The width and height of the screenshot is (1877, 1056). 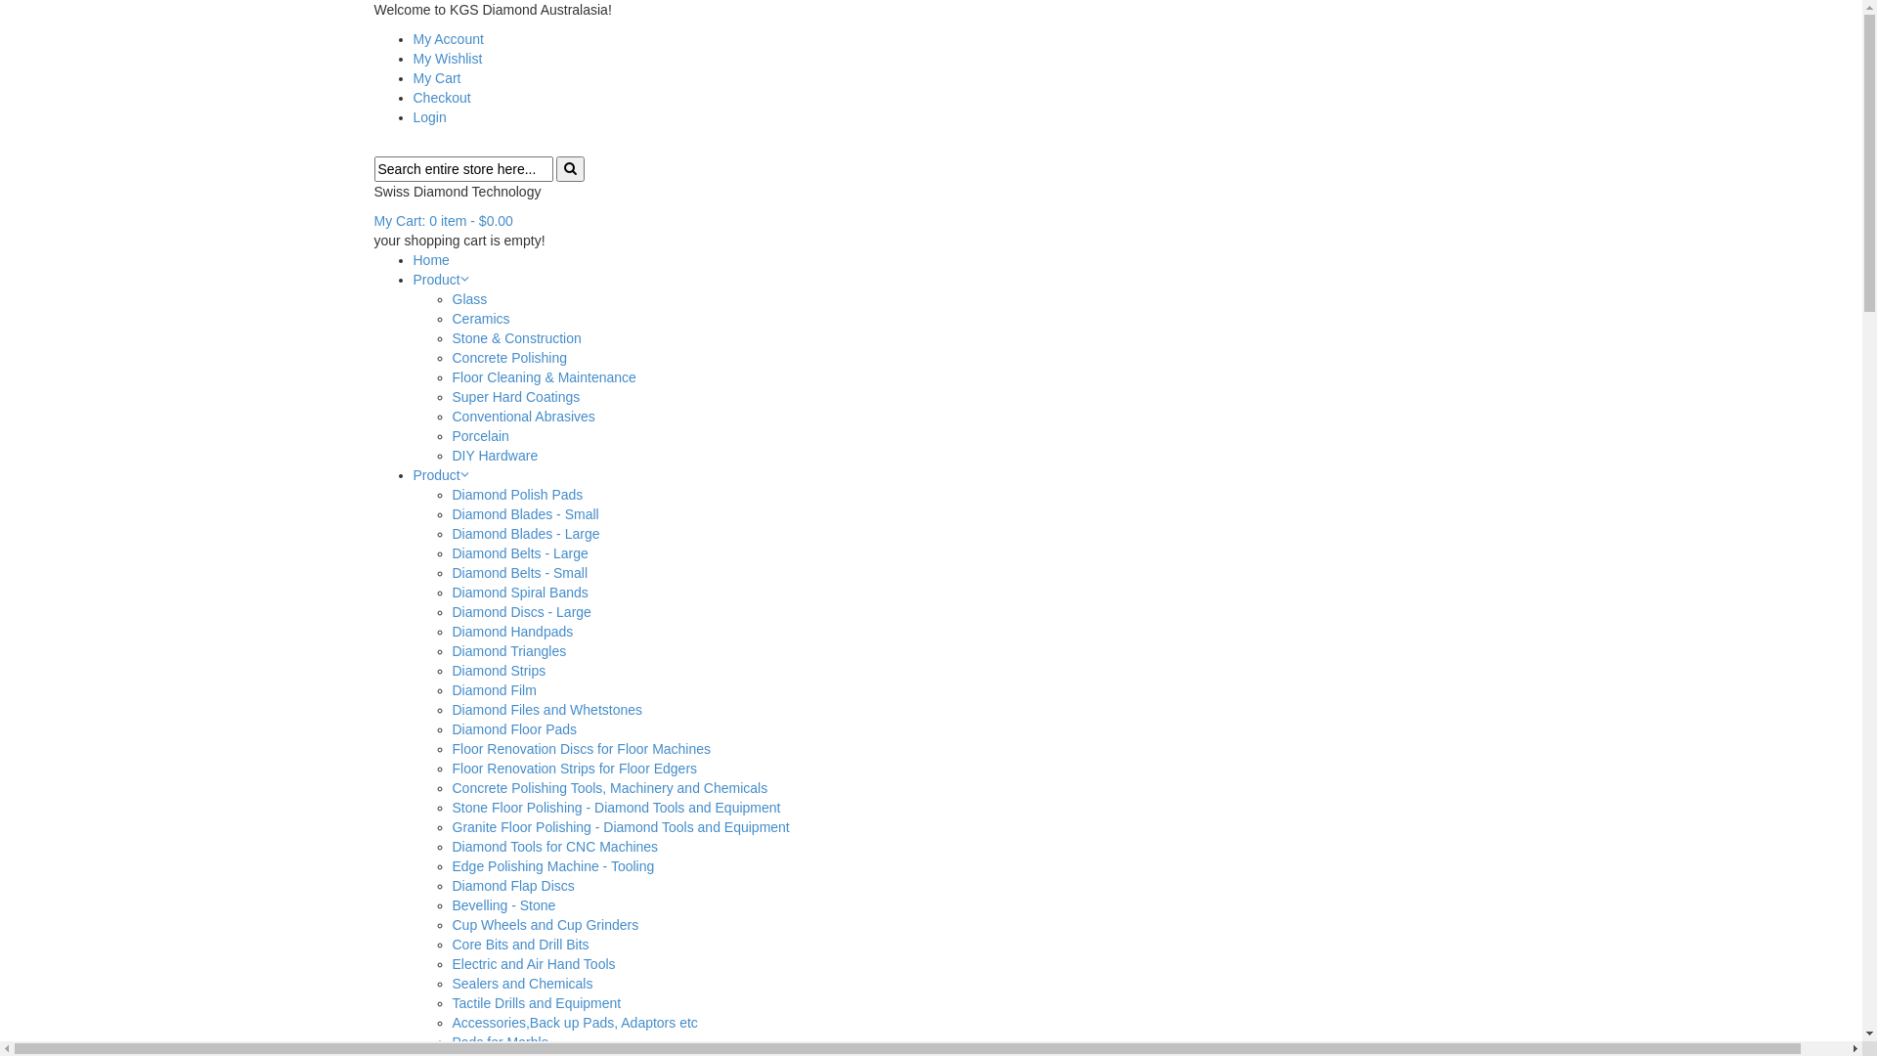 I want to click on 'My Cart: 0 item - $0.00', so click(x=373, y=220).